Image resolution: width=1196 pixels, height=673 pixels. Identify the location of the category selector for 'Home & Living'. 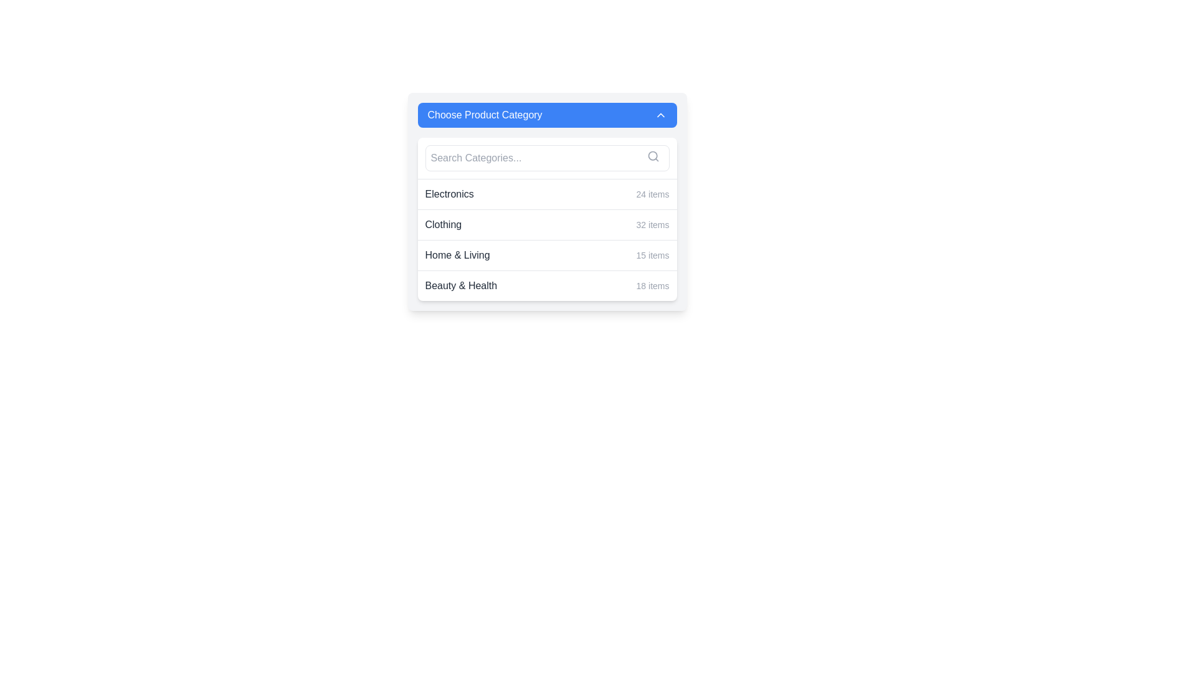
(547, 254).